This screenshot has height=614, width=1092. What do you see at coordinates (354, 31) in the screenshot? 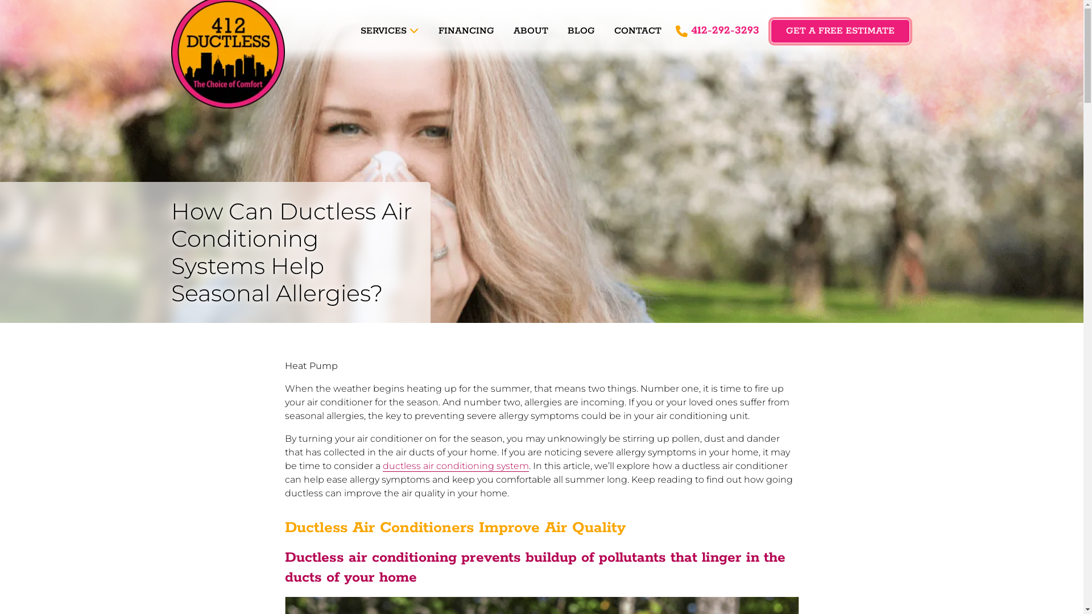
I see `'SERVICES'` at bounding box center [354, 31].